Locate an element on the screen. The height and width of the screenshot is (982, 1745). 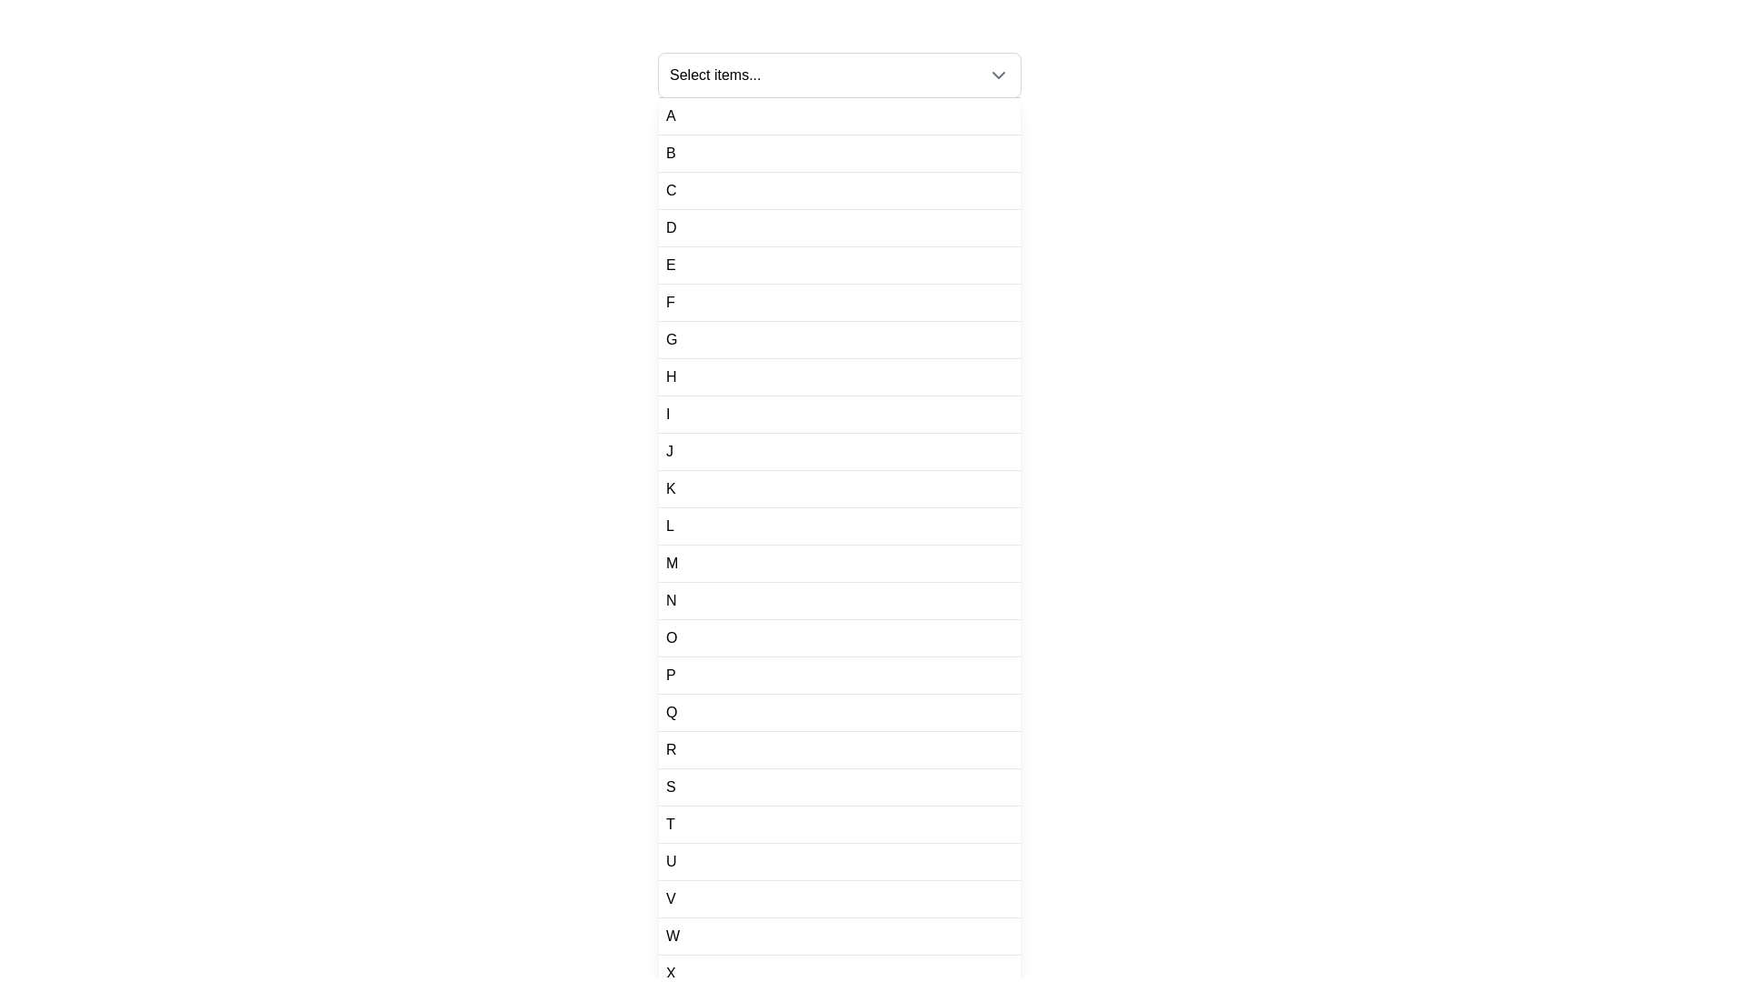
the Text item in the dropdown menu, which is the 15th item in the list is located at coordinates (671, 637).